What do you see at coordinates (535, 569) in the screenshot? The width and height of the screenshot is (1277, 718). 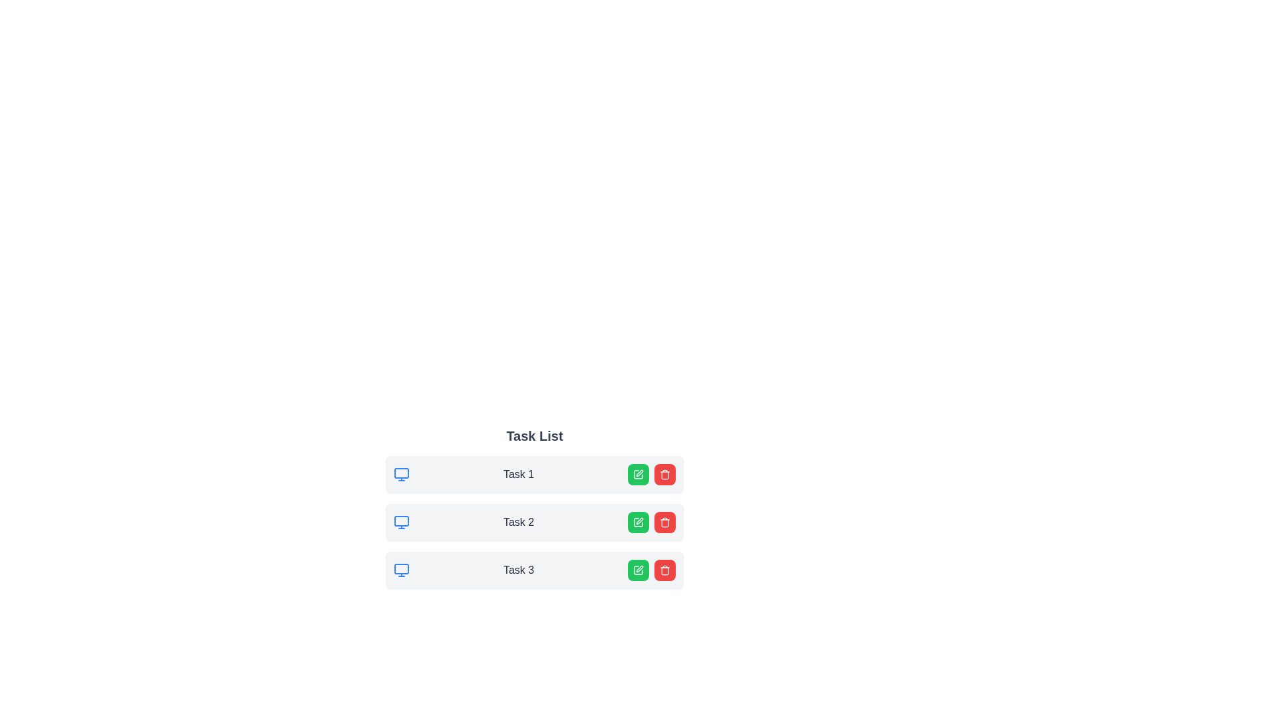 I see `the 'Task 3' list item in the task management interface` at bounding box center [535, 569].